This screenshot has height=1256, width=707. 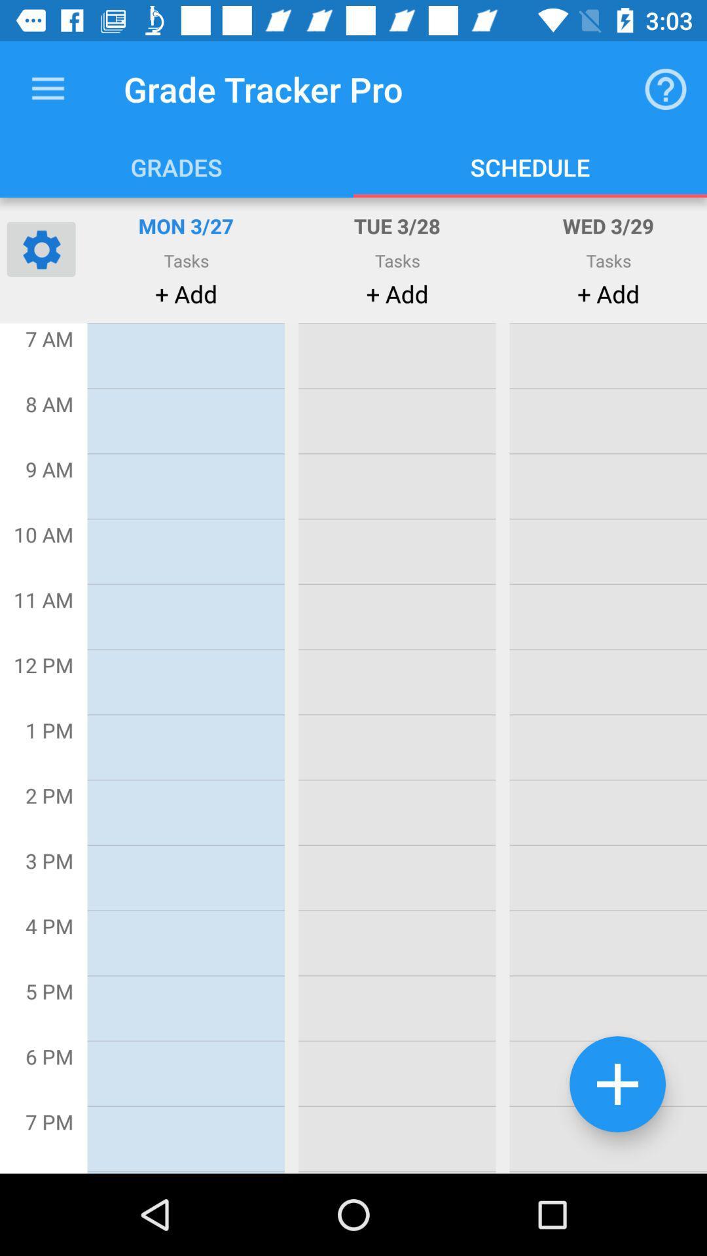 What do you see at coordinates (47, 88) in the screenshot?
I see `the item to the left of grade tracker pro item` at bounding box center [47, 88].